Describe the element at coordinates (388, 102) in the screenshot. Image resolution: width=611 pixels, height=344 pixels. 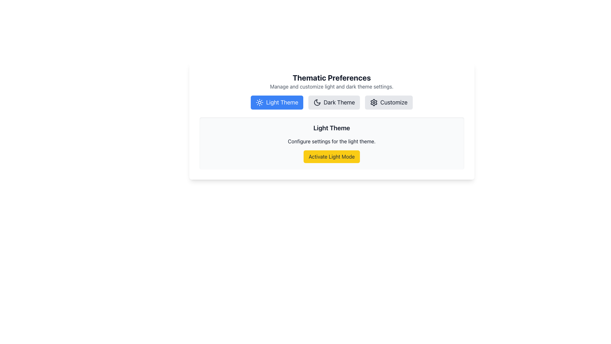
I see `the settings customization button located in the top-center portion of the interface, to the right of the 'Dark Theme' button, which is the third and last button from the left` at that location.